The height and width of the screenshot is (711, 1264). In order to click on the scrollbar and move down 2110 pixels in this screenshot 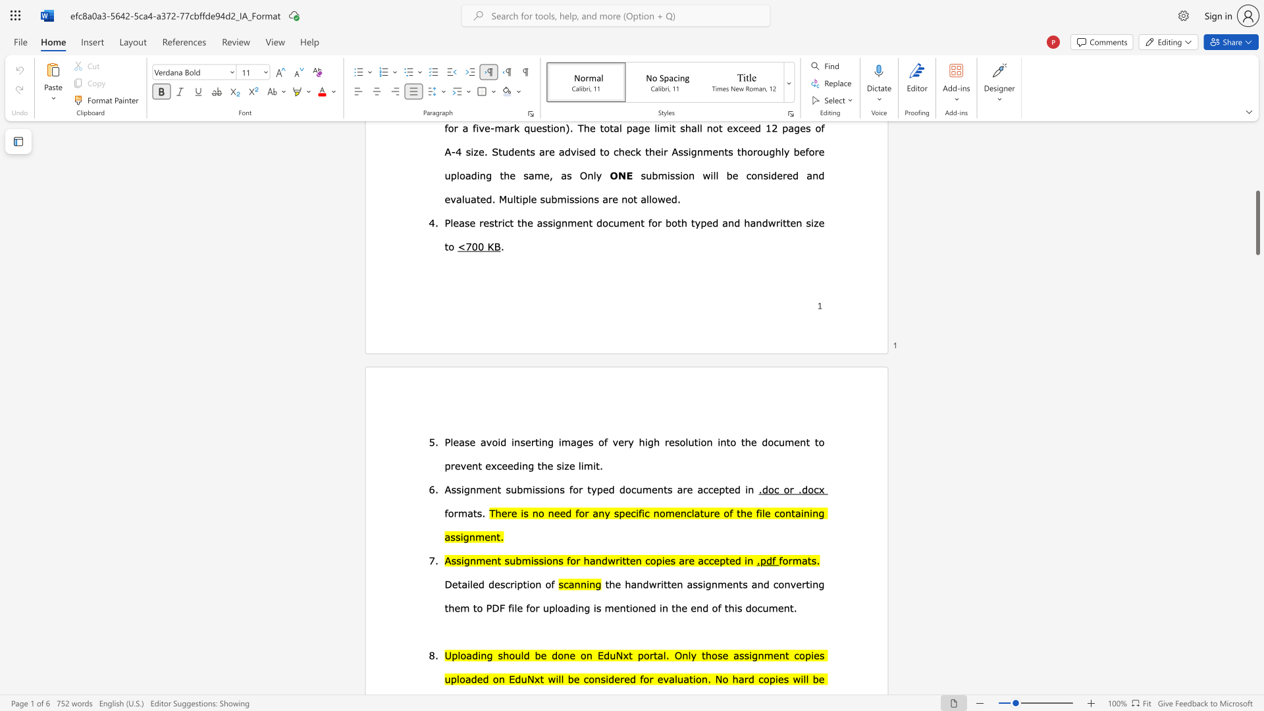, I will do `click(1257, 222)`.